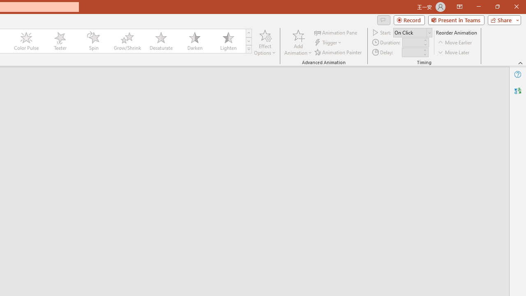 The width and height of the screenshot is (526, 296). Describe the element at coordinates (127, 41) in the screenshot. I see `'Grow/Shrink'` at that location.